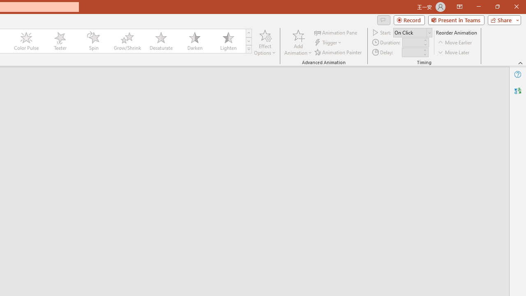 The width and height of the screenshot is (526, 296). Describe the element at coordinates (127, 41) in the screenshot. I see `'Grow/Shrink'` at that location.